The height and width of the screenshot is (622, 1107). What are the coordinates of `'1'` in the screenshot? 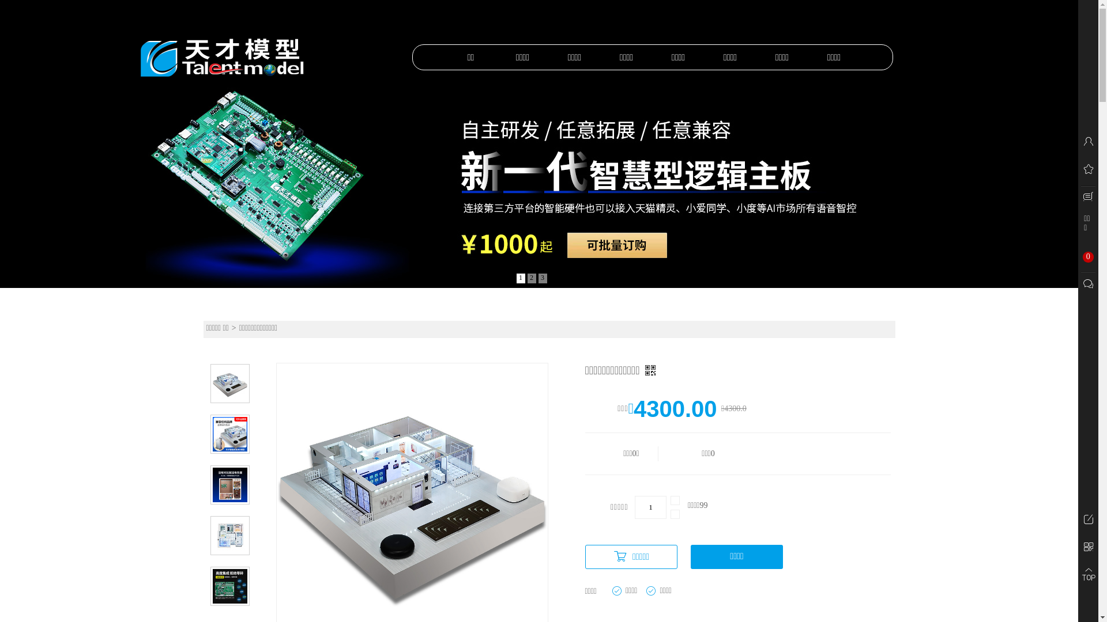 It's located at (520, 278).